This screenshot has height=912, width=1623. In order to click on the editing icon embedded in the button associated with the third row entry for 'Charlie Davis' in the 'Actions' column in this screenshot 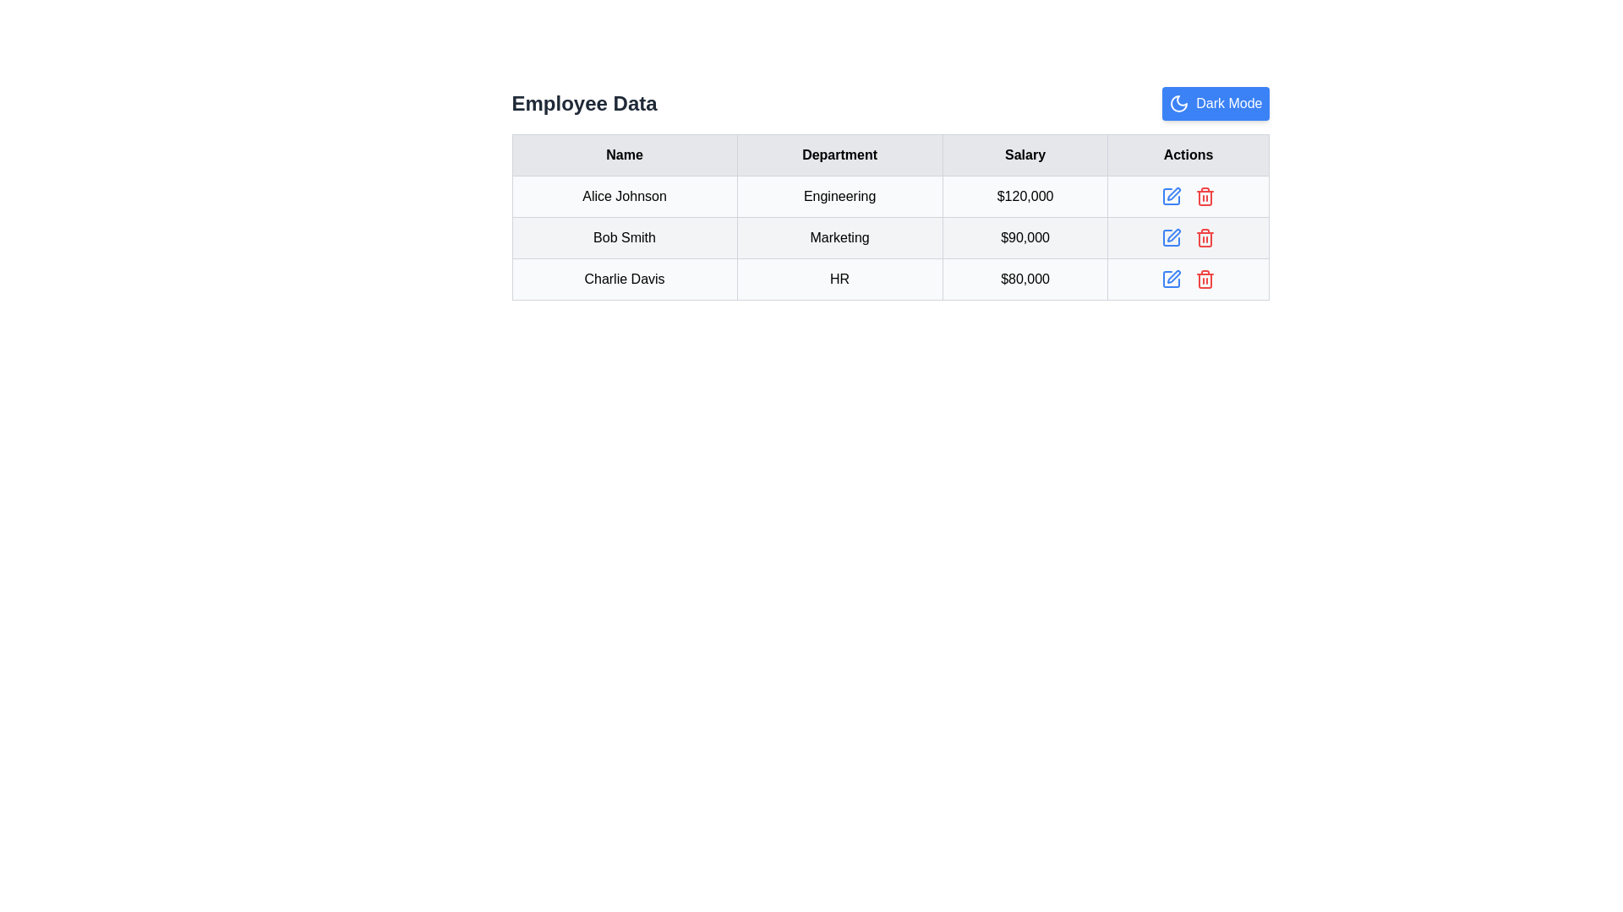, I will do `click(1172, 275)`.